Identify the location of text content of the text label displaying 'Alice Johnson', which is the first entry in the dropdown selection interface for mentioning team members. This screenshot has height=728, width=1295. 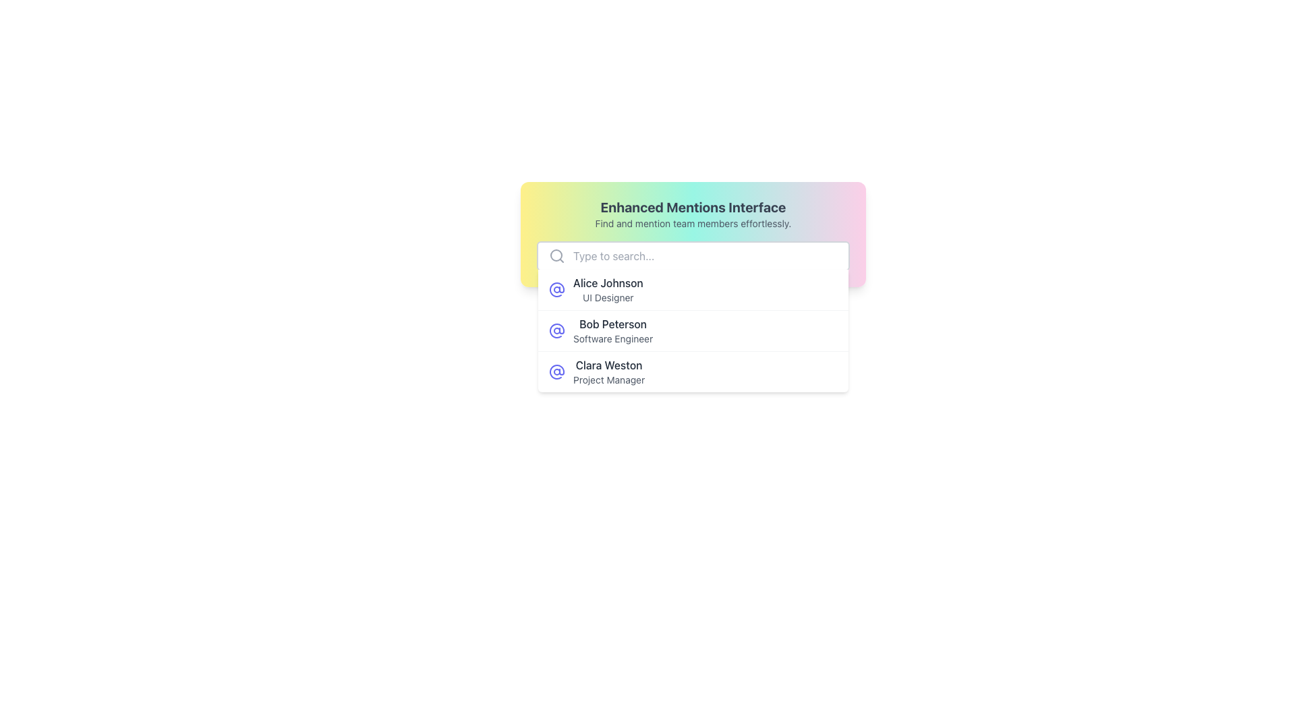
(607, 282).